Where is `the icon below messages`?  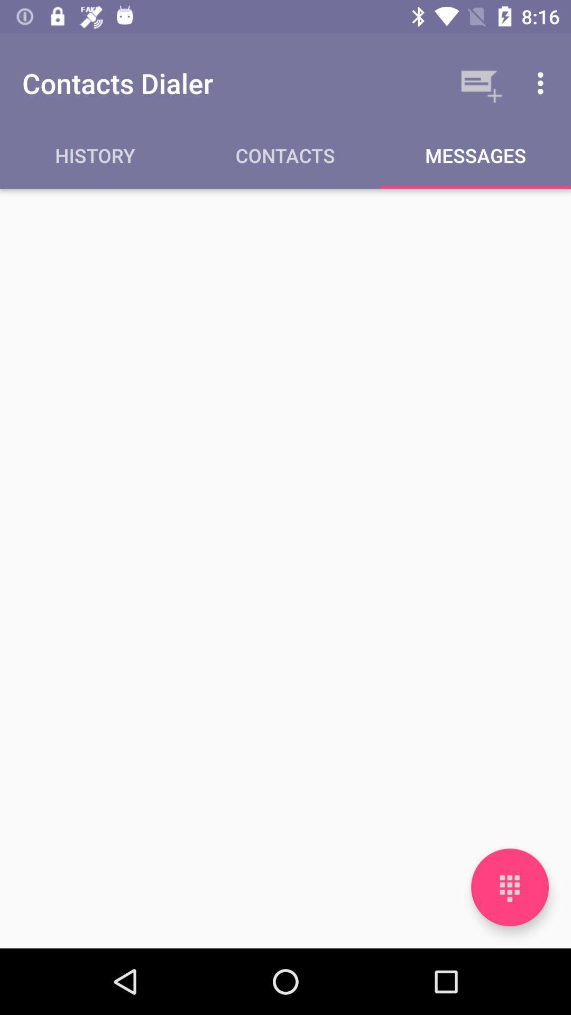
the icon below messages is located at coordinates (509, 887).